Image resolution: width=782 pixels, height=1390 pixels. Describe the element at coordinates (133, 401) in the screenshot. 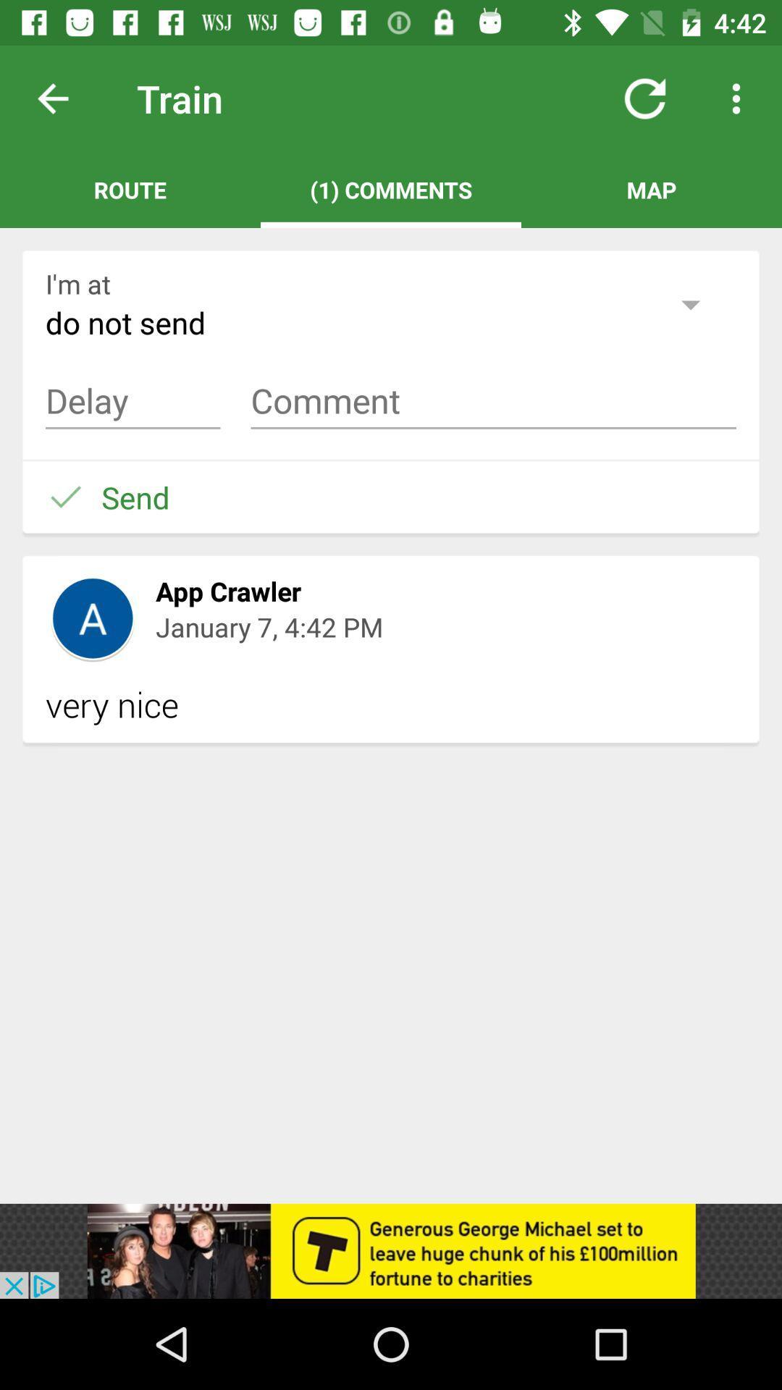

I see `delay` at that location.